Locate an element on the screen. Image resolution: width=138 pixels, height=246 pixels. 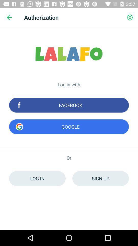
the sign up at the bottom right corner is located at coordinates (100, 178).